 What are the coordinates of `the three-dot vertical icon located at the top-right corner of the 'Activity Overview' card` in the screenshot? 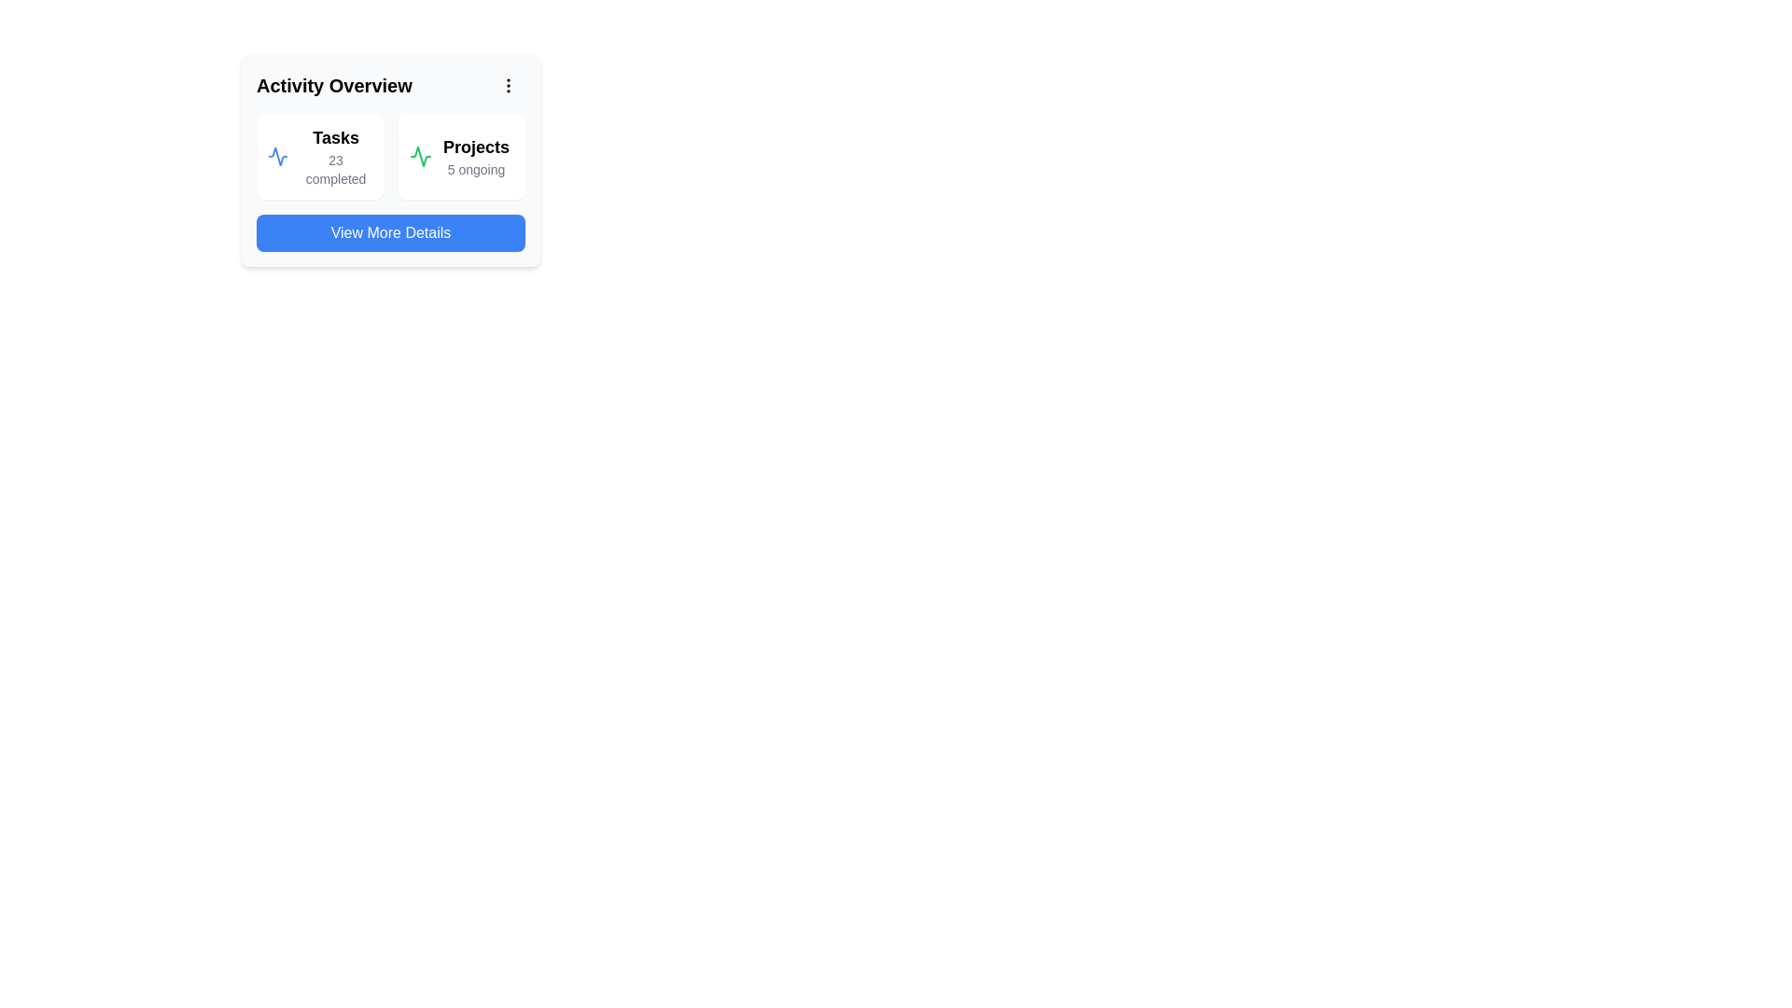 It's located at (509, 86).